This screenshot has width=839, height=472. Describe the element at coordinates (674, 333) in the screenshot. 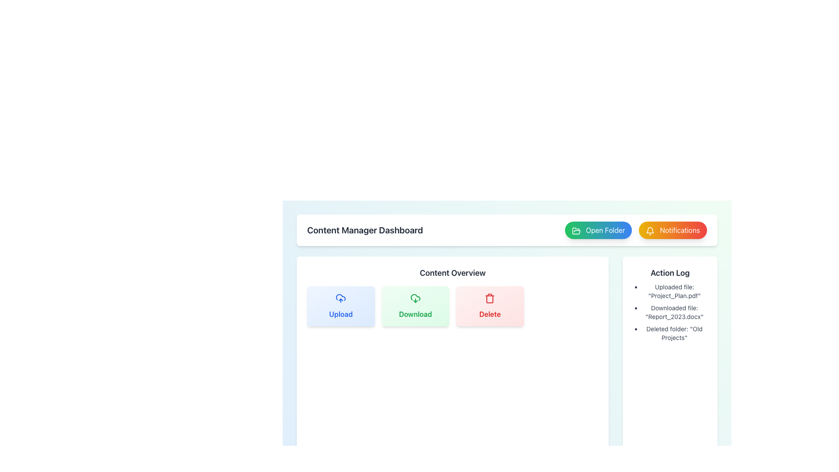

I see `the third item in the 'Action Log' panel which details the deletion of the folder named 'Old Projects'` at that location.